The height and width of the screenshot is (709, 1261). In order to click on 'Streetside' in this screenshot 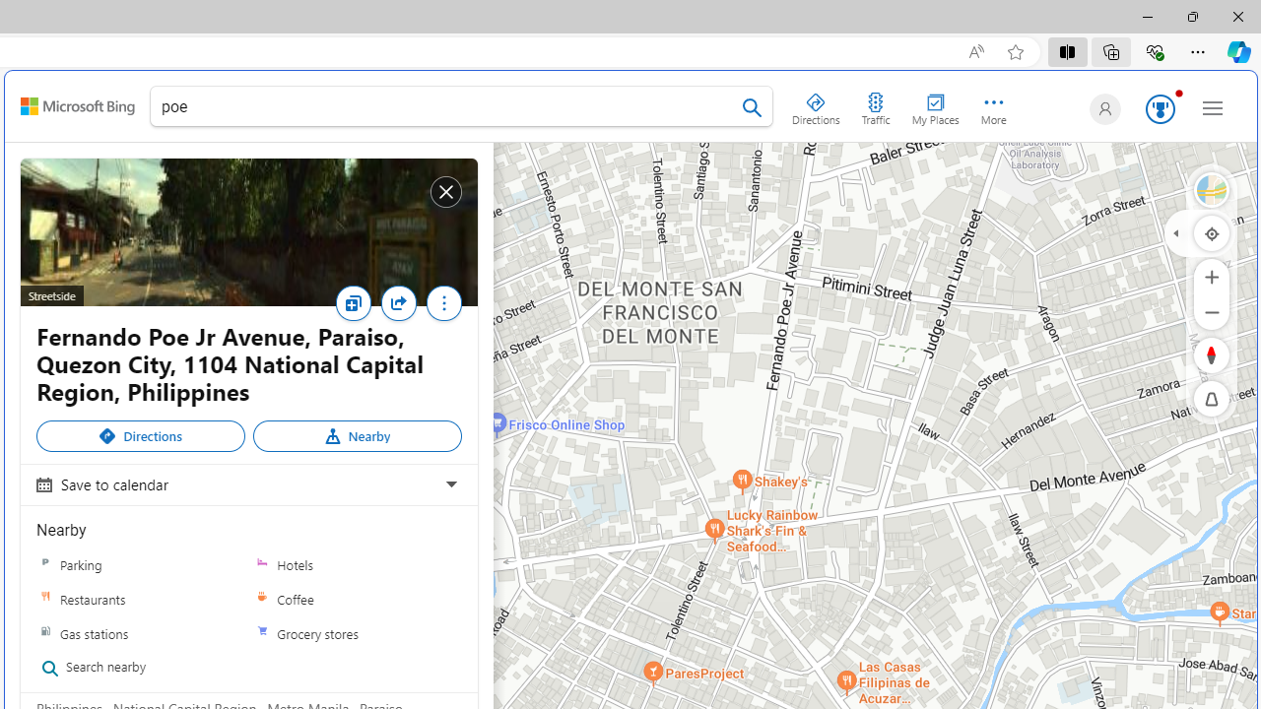, I will do `click(247, 231)`.